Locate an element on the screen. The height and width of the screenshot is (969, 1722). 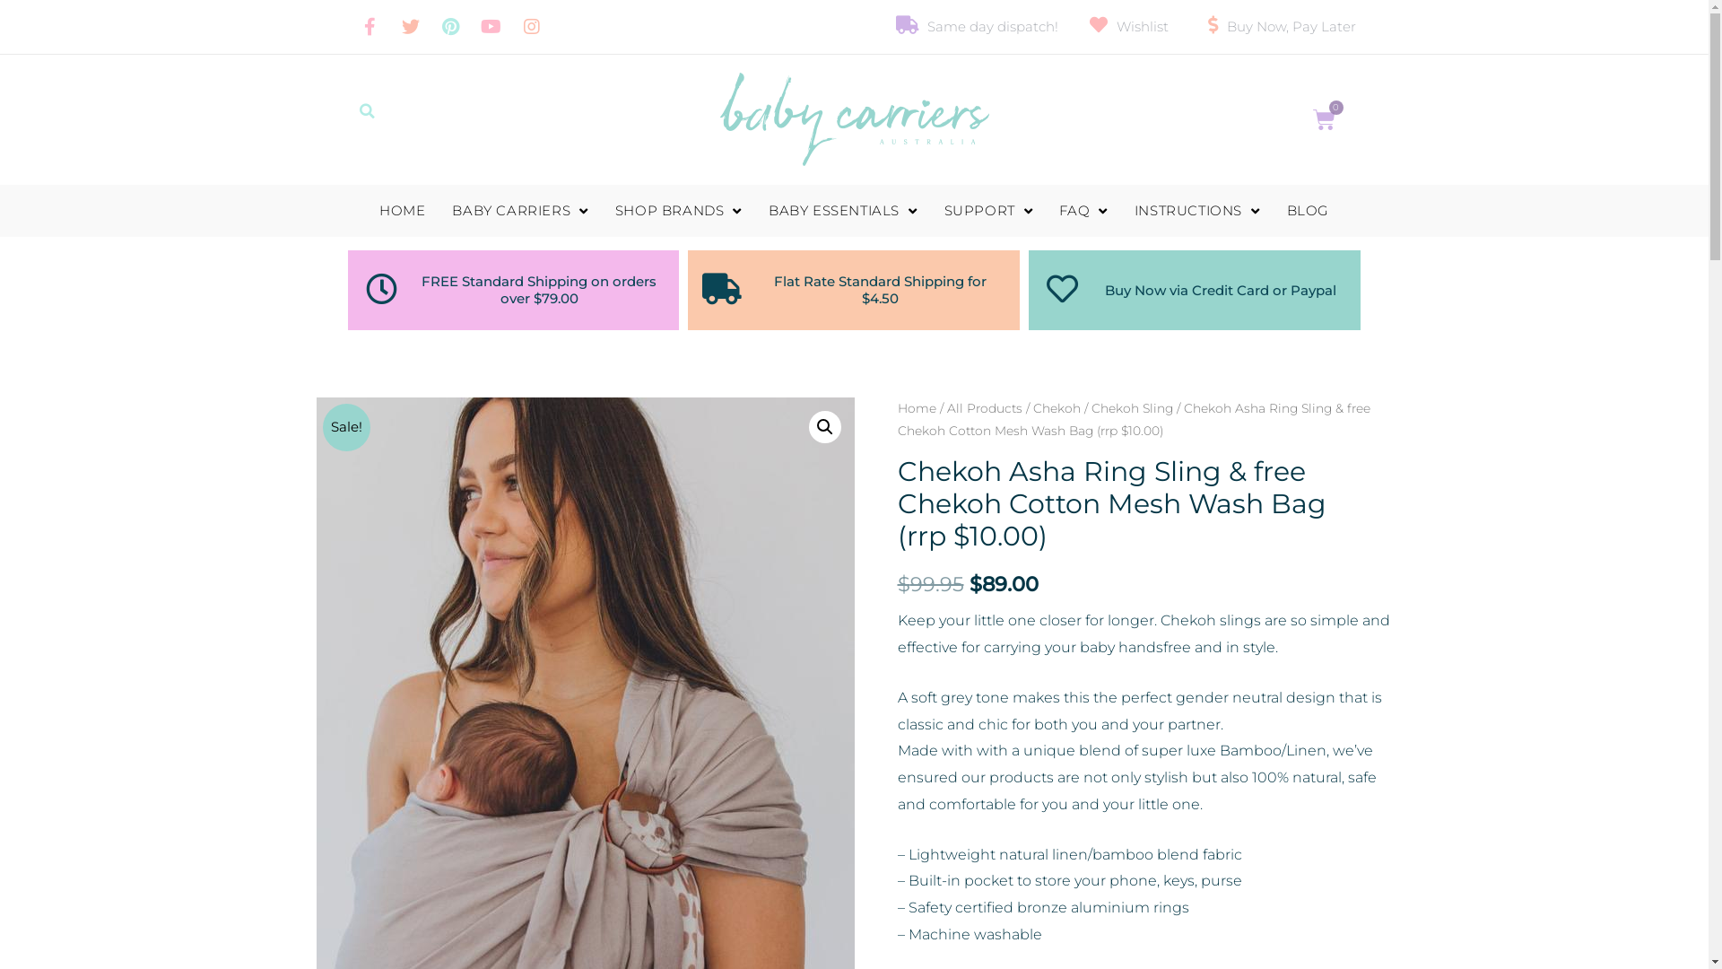
'Home' is located at coordinates (916, 408).